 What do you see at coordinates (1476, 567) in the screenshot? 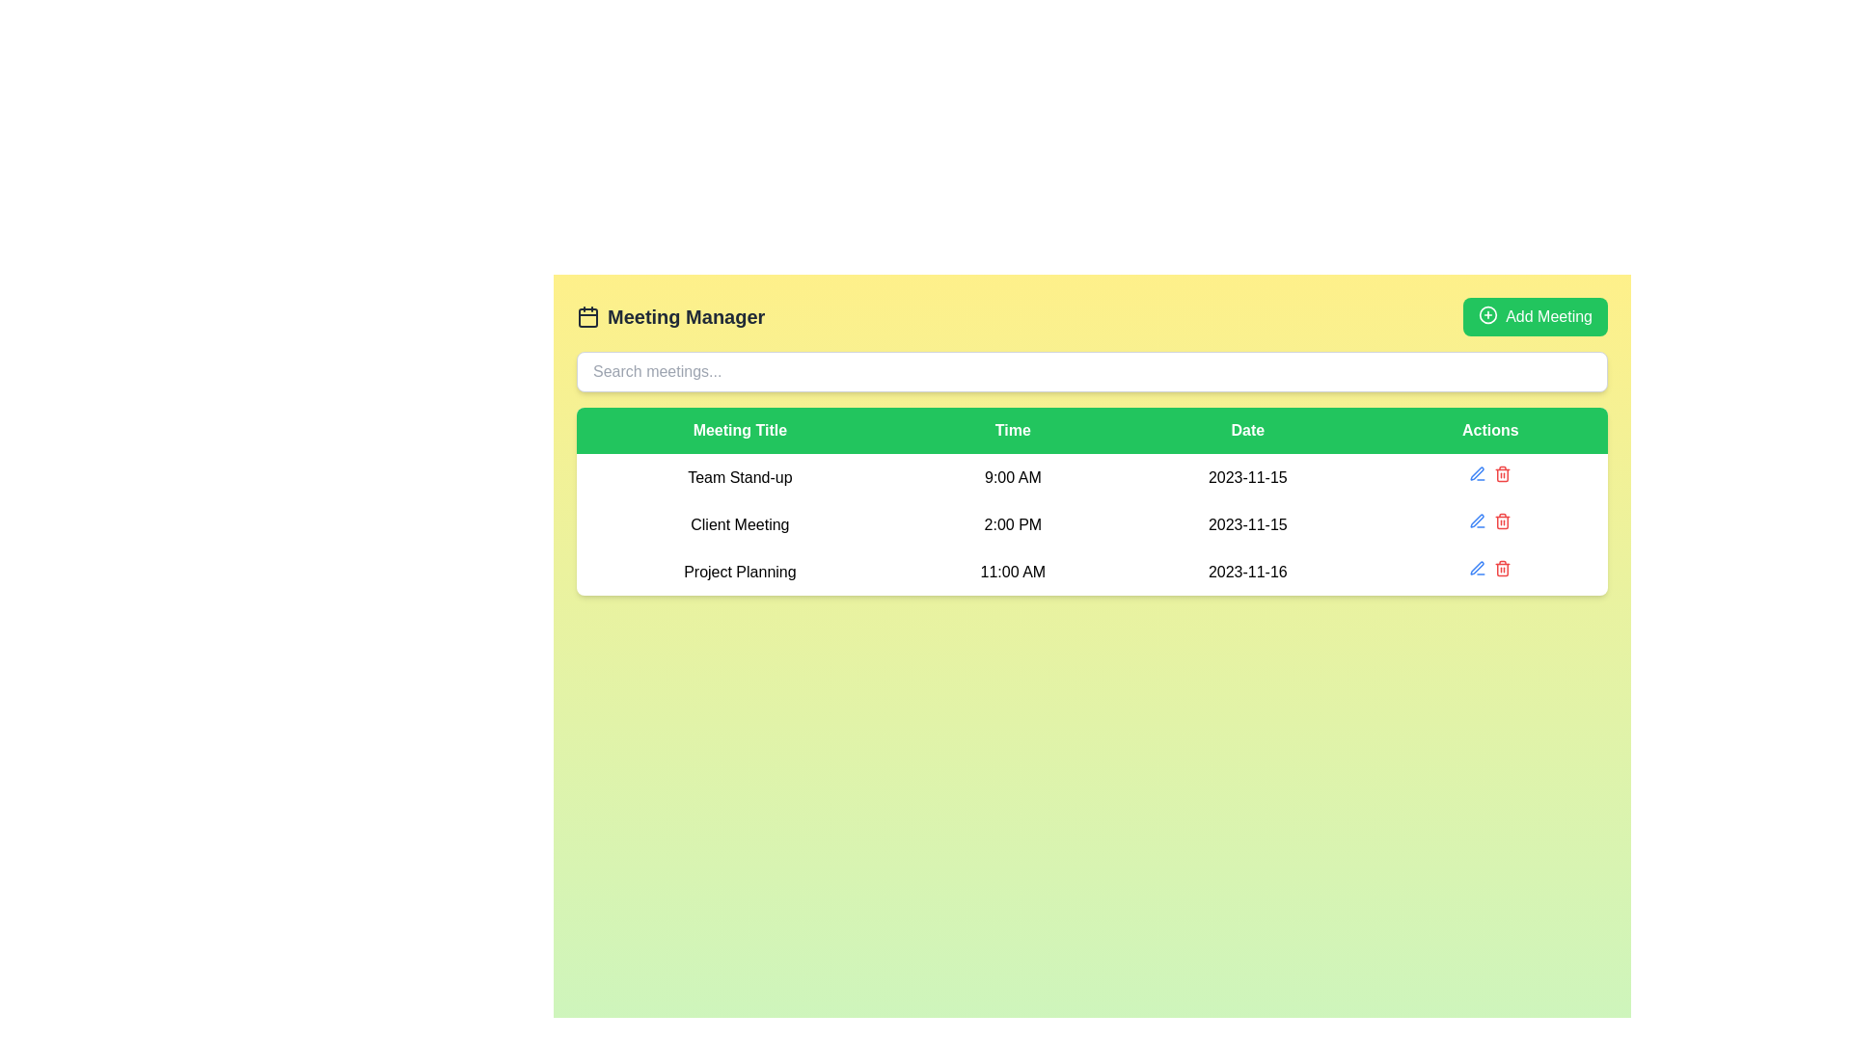
I see `the pen icon located in the 'Actions' column of the third row in the table` at bounding box center [1476, 567].